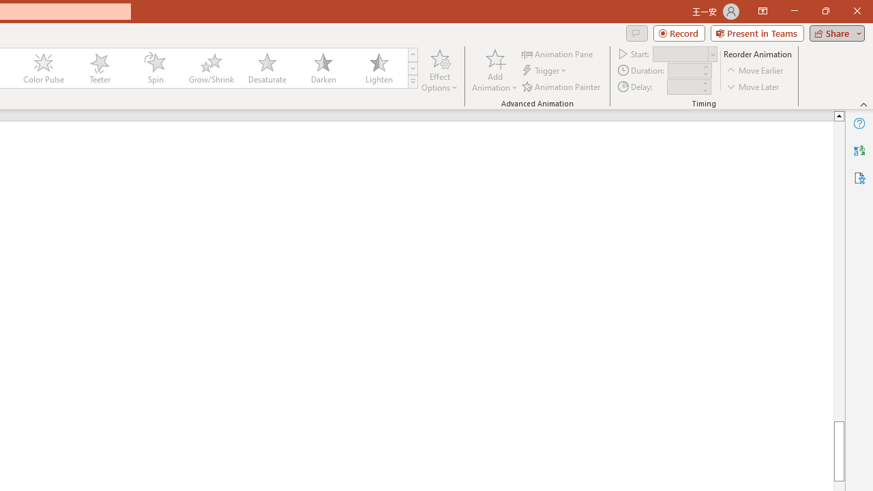 The height and width of the screenshot is (491, 873). I want to click on 'Less', so click(705, 90).